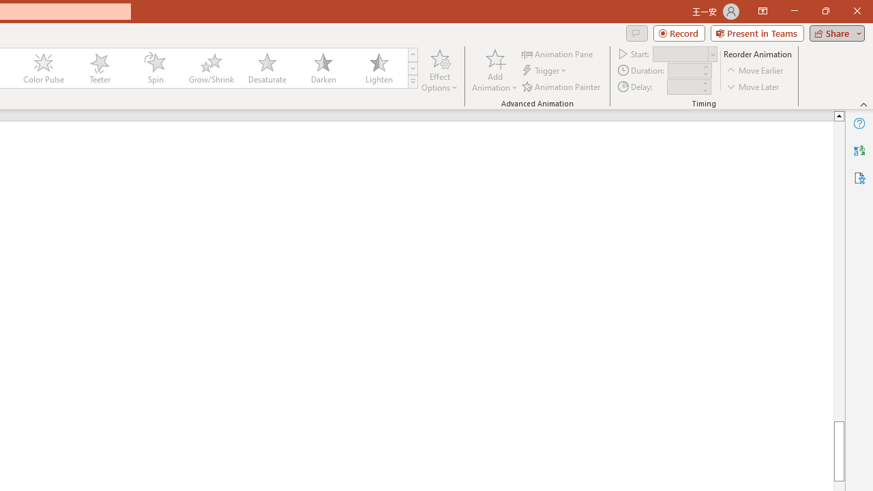 The height and width of the screenshot is (491, 873). I want to click on 'Less', so click(705, 90).